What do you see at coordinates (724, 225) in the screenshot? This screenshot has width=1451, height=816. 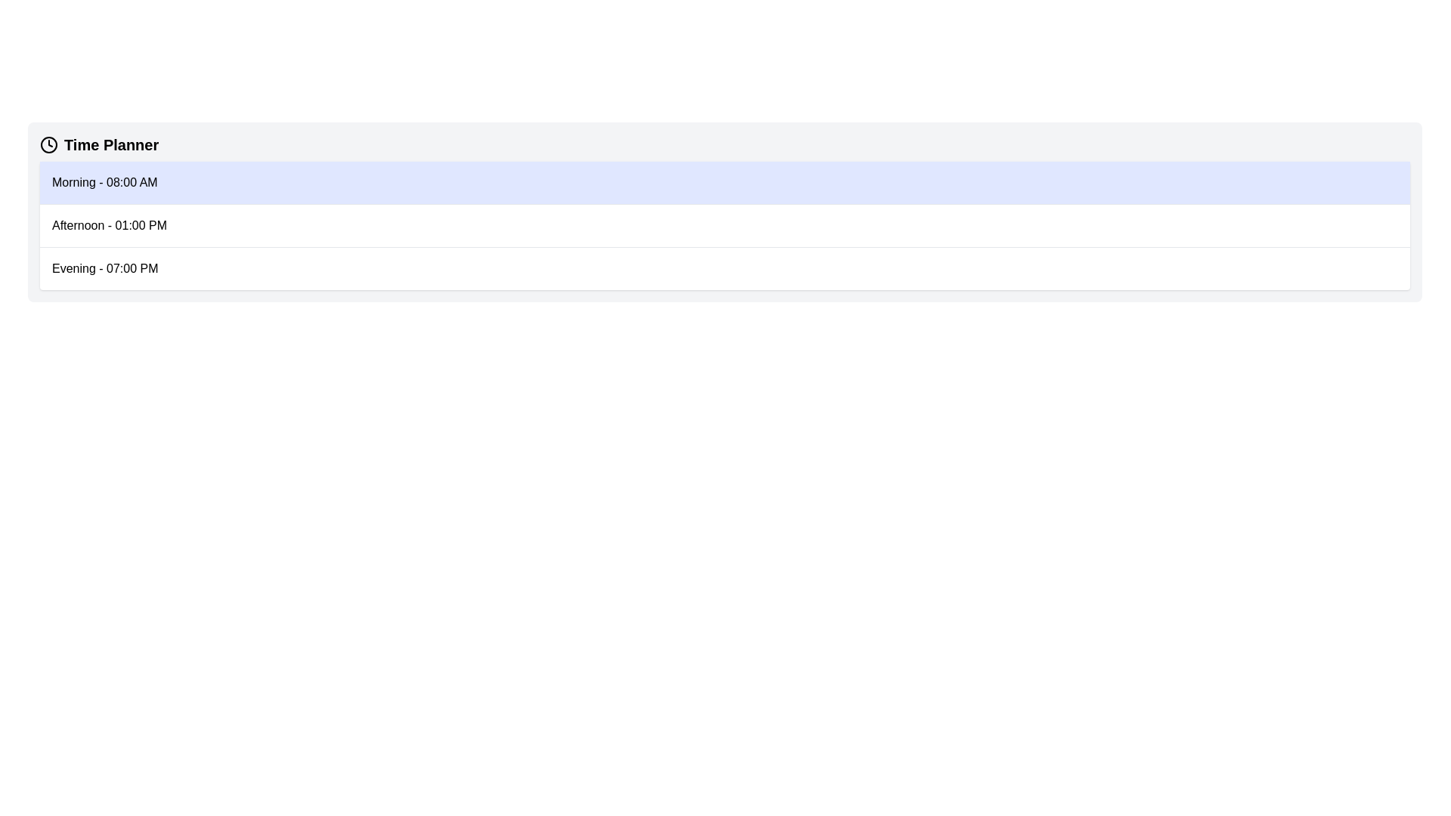 I see `the selectable time slot option labeled 'Afternoon - 01:00 PM'` at bounding box center [724, 225].